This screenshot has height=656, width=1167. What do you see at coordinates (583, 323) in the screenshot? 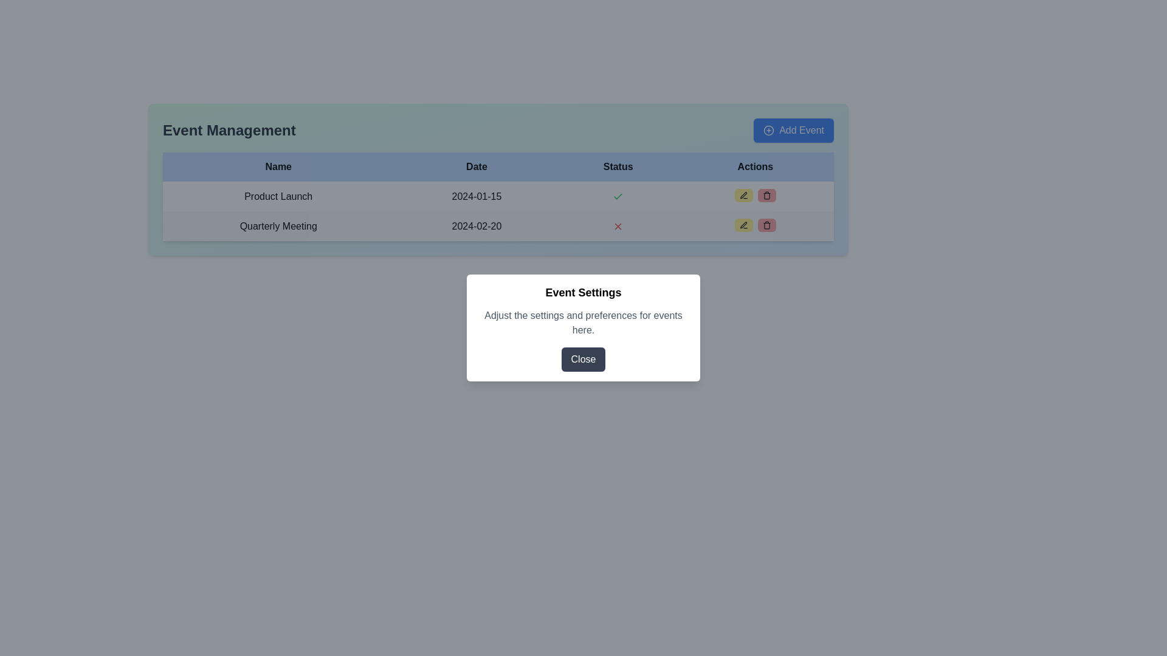
I see `the text label displaying 'Adjust the settings and preferences for events here.'` at bounding box center [583, 323].